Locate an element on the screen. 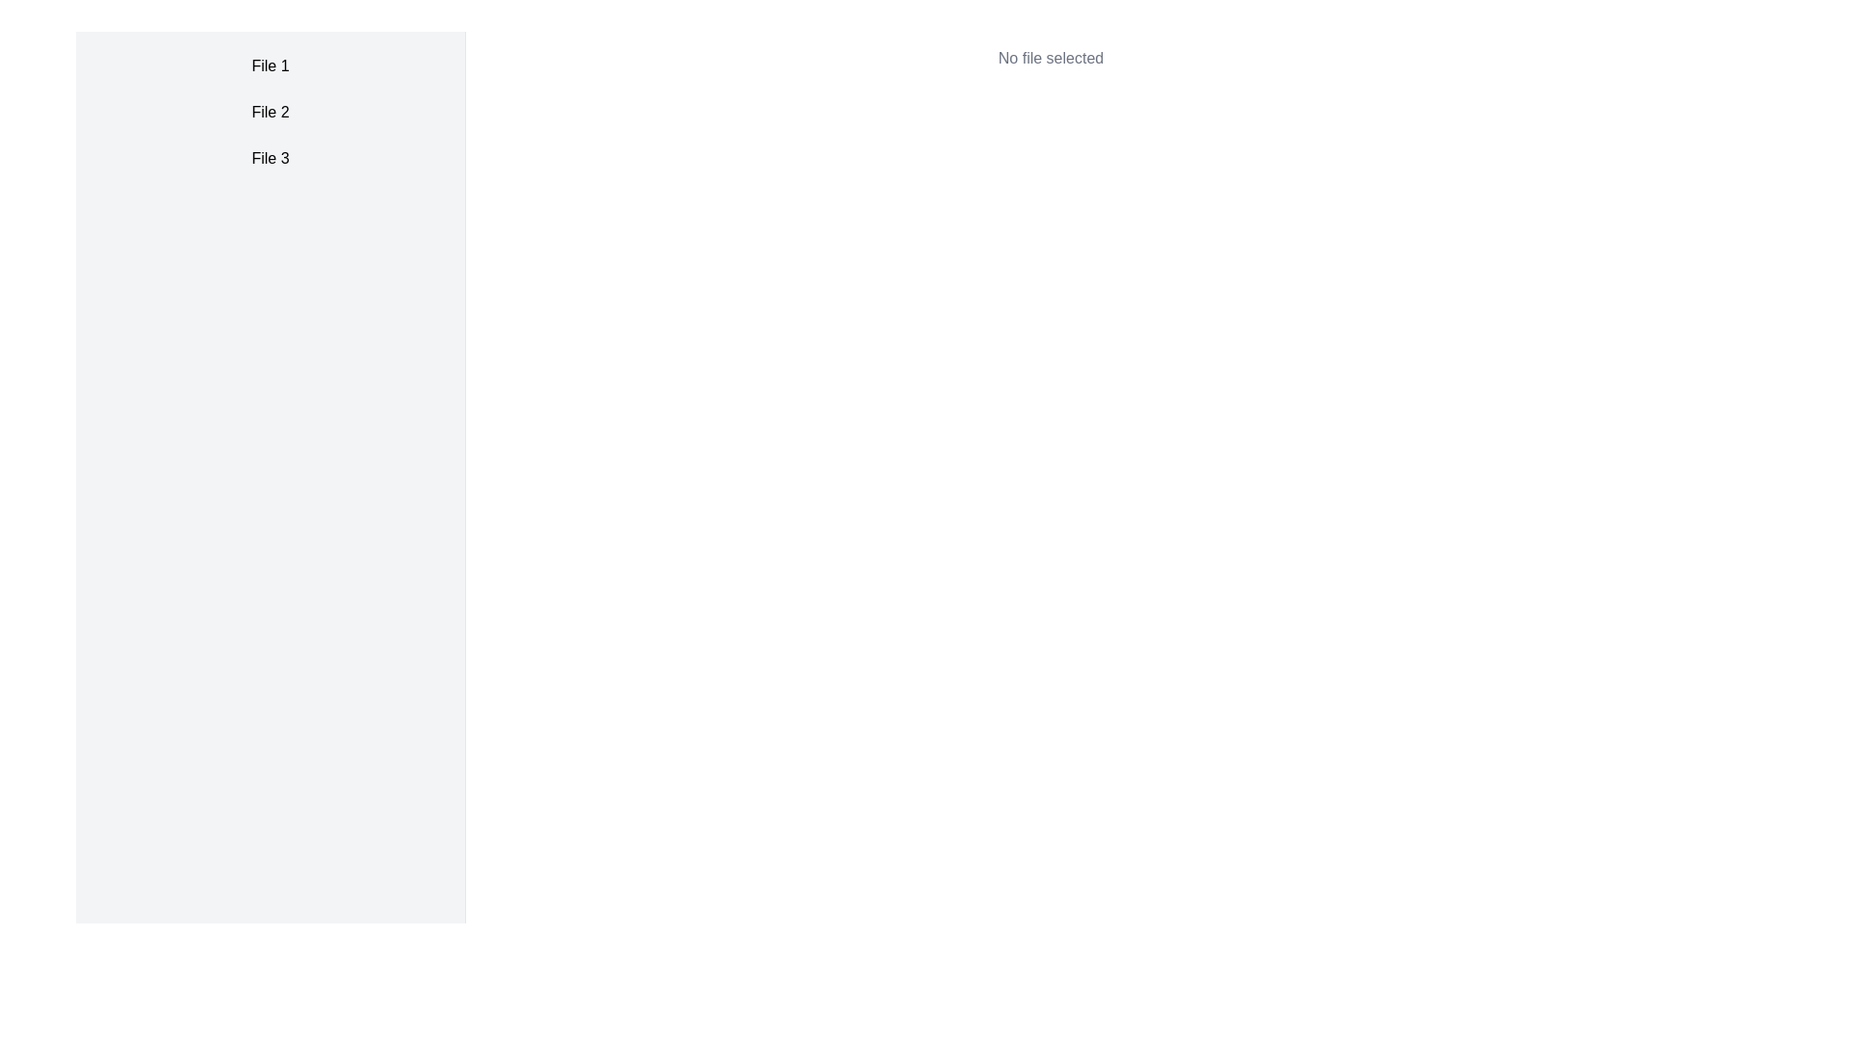 Image resolution: width=1849 pixels, height=1040 pixels. the first list item labeled 'File 1' is located at coordinates (270, 65).